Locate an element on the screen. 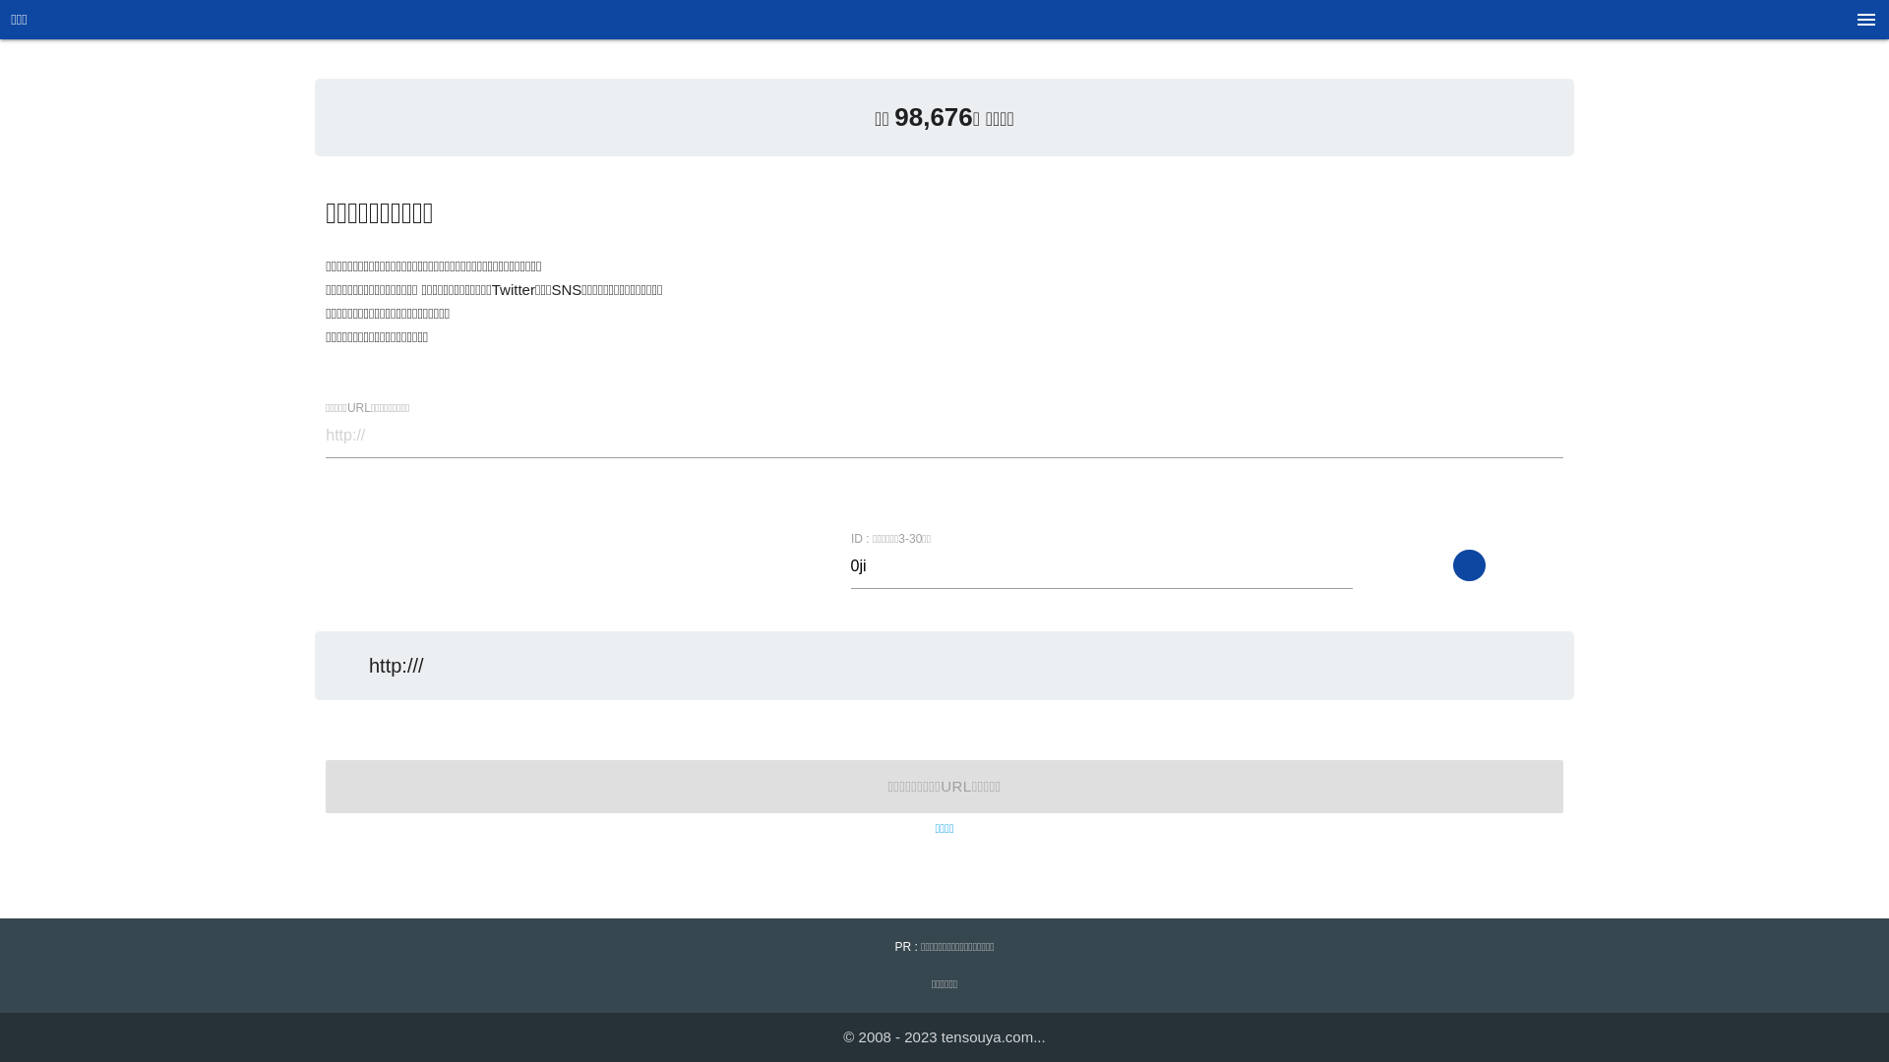 The image size is (1889, 1062). 'menu' is located at coordinates (1864, 26).